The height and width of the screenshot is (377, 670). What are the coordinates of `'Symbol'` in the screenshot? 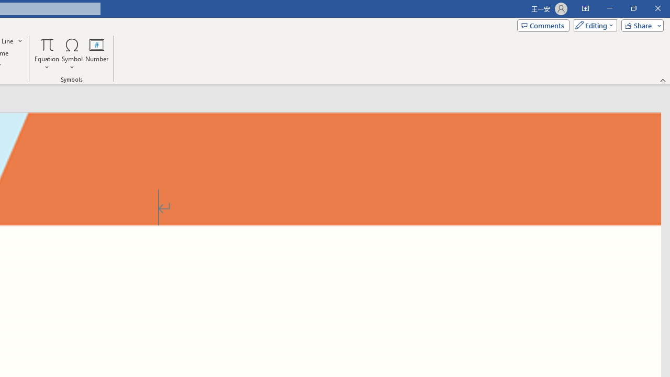 It's located at (72, 54).